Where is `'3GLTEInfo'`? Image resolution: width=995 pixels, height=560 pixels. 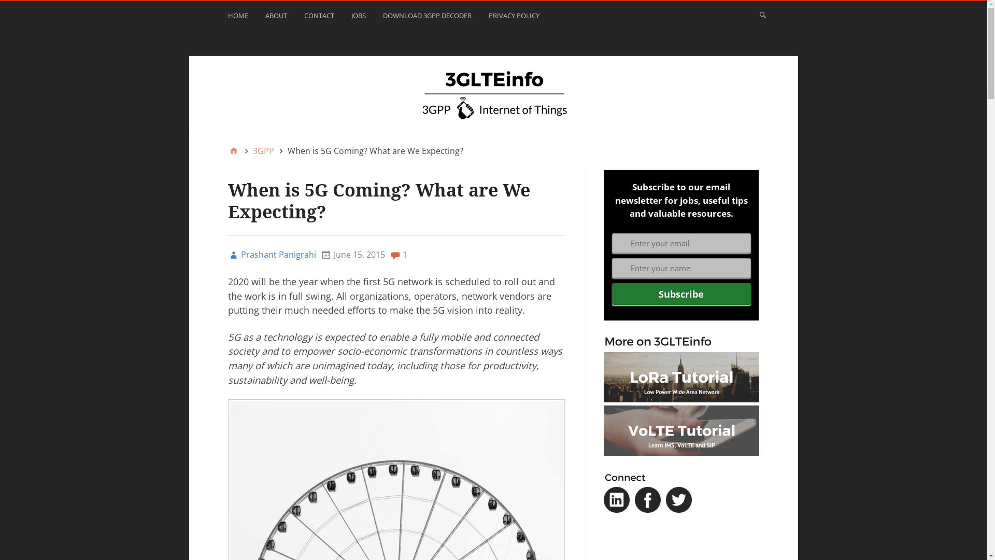
'3GLTEInfo' is located at coordinates (493, 94).